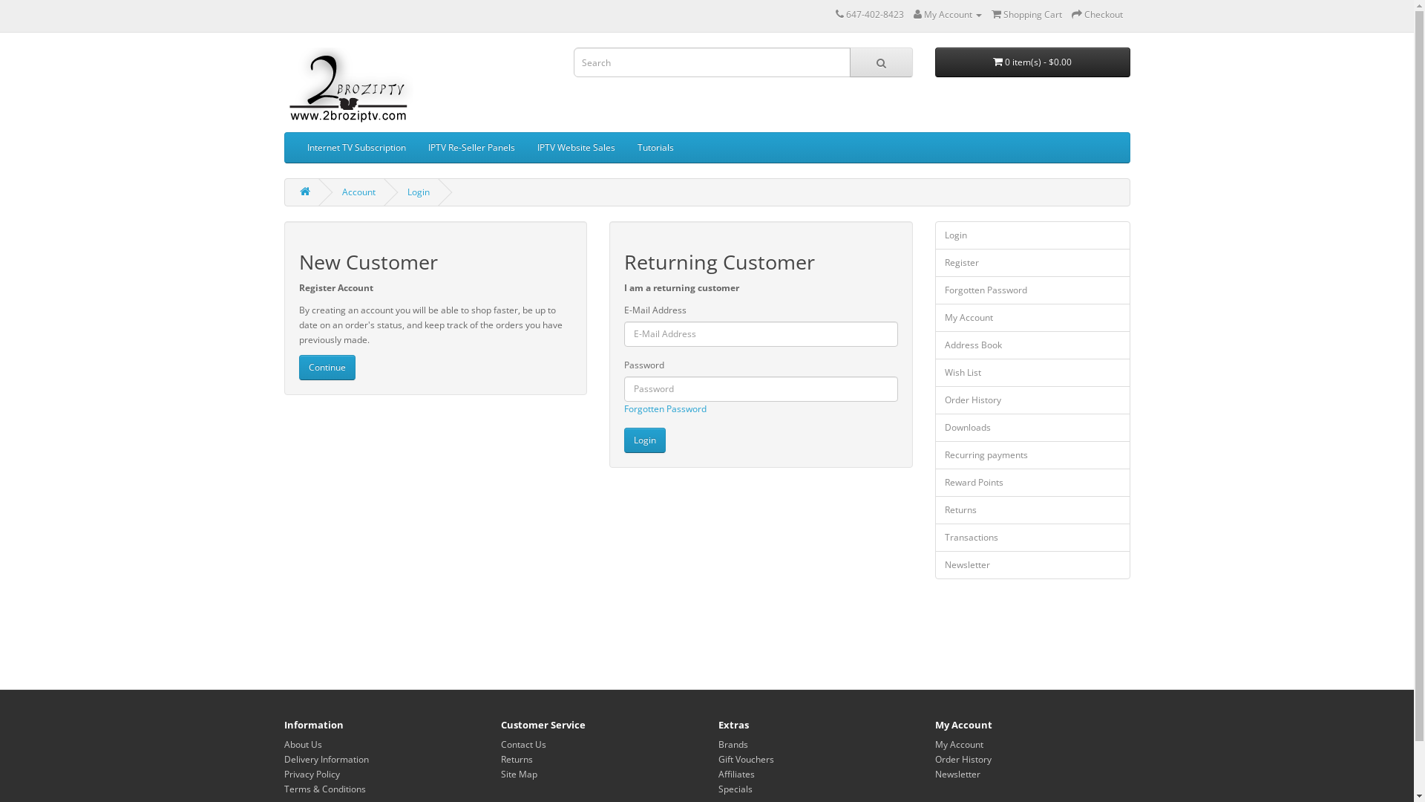 This screenshot has height=802, width=1425. What do you see at coordinates (934, 371) in the screenshot?
I see `'Wish List'` at bounding box center [934, 371].